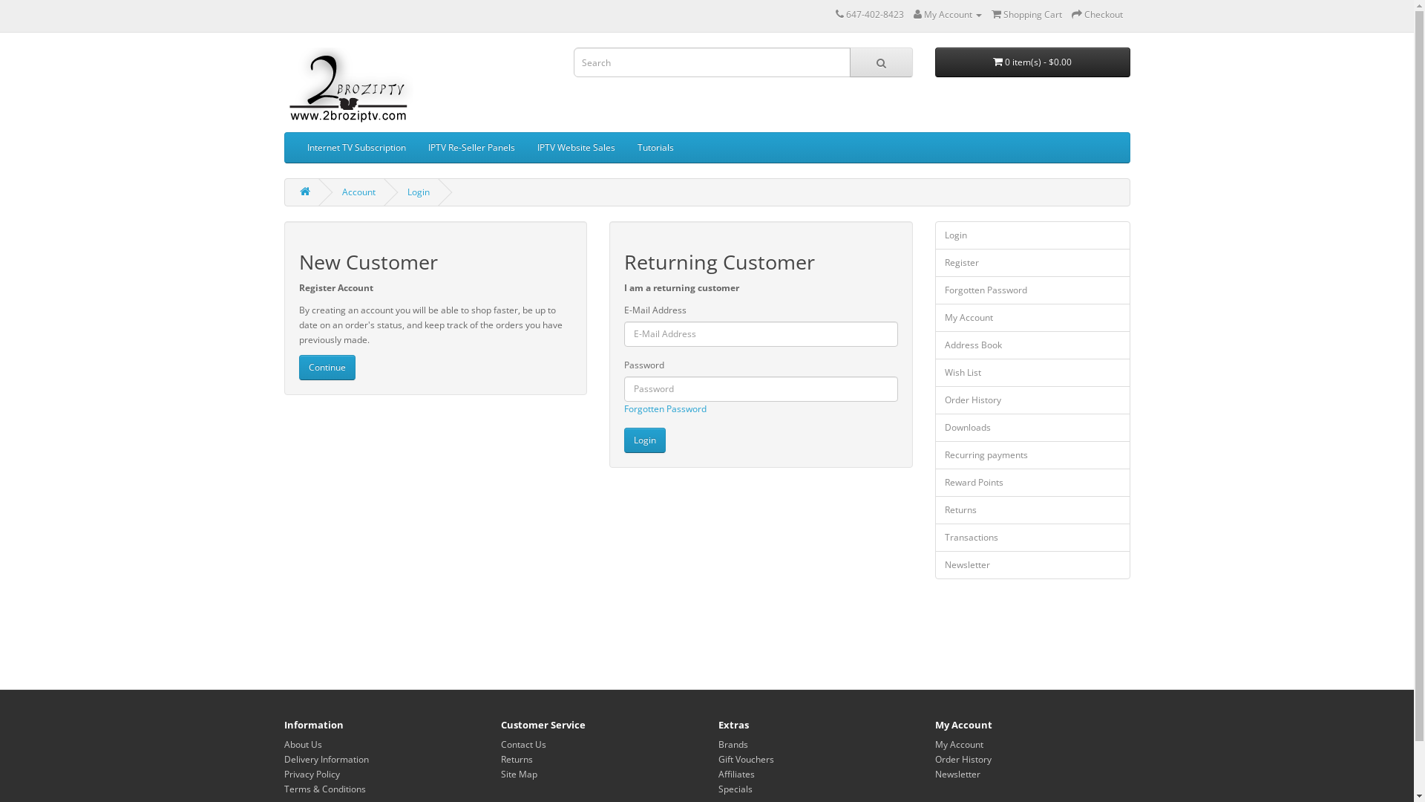 This screenshot has height=802, width=1425. What do you see at coordinates (934, 371) in the screenshot?
I see `'Wish List'` at bounding box center [934, 371].